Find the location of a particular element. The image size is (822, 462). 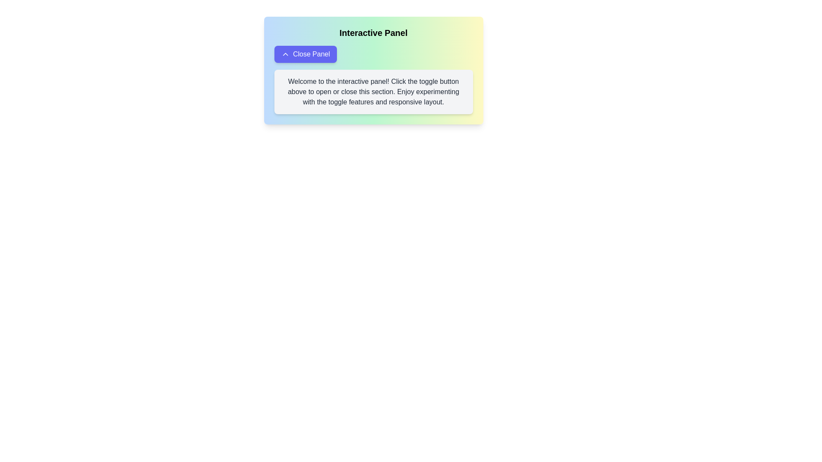

the 'Close Panel' button to toggle the panel's visibility is located at coordinates (305, 54).